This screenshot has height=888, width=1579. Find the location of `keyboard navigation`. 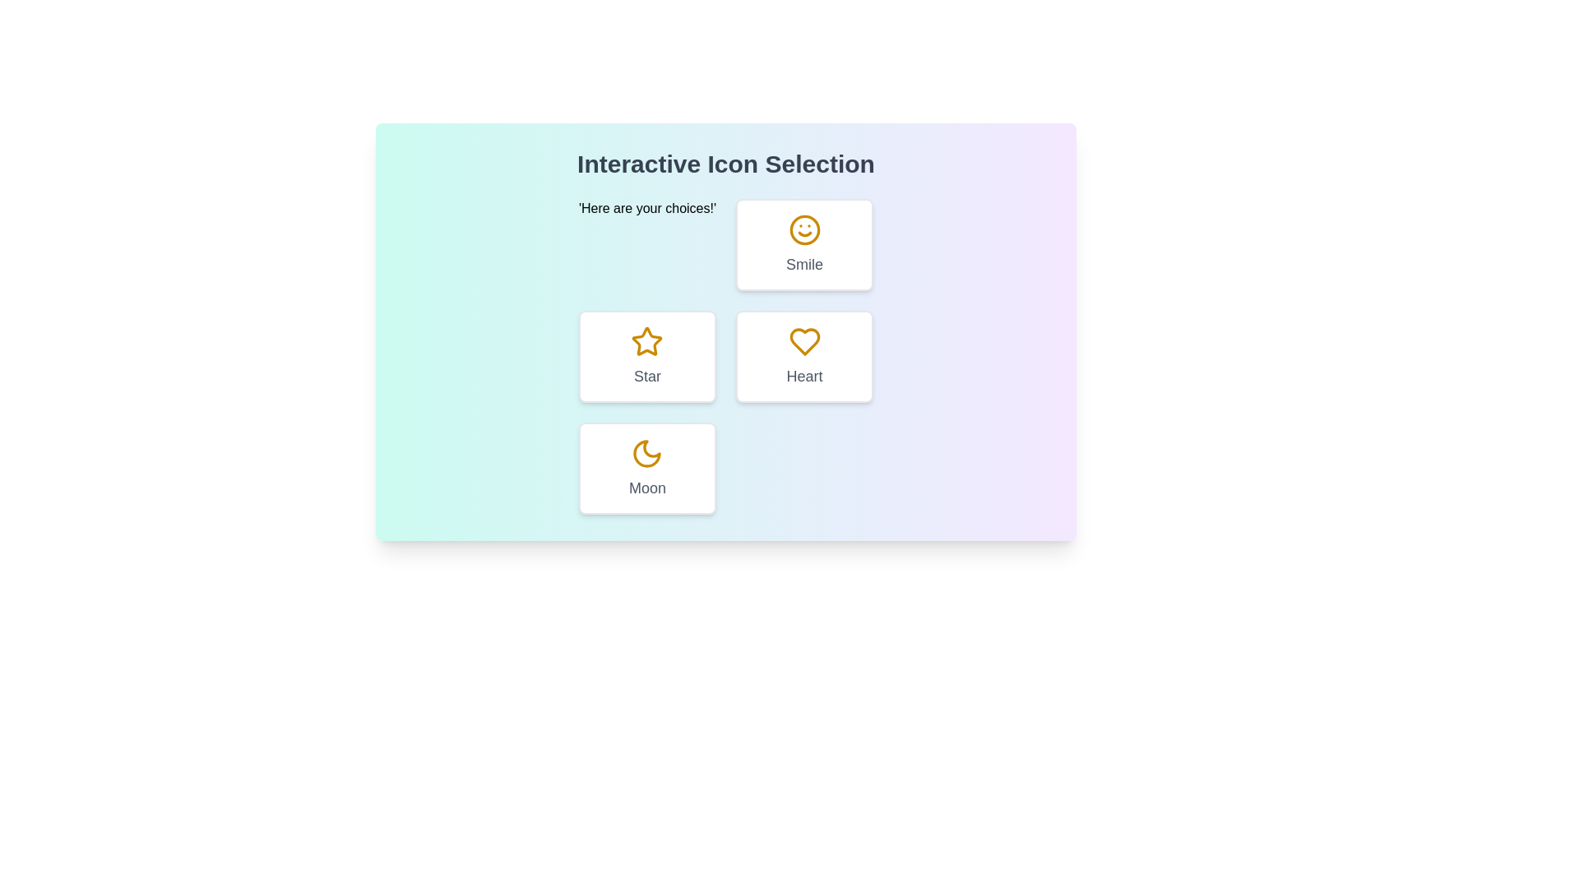

keyboard navigation is located at coordinates (646, 453).